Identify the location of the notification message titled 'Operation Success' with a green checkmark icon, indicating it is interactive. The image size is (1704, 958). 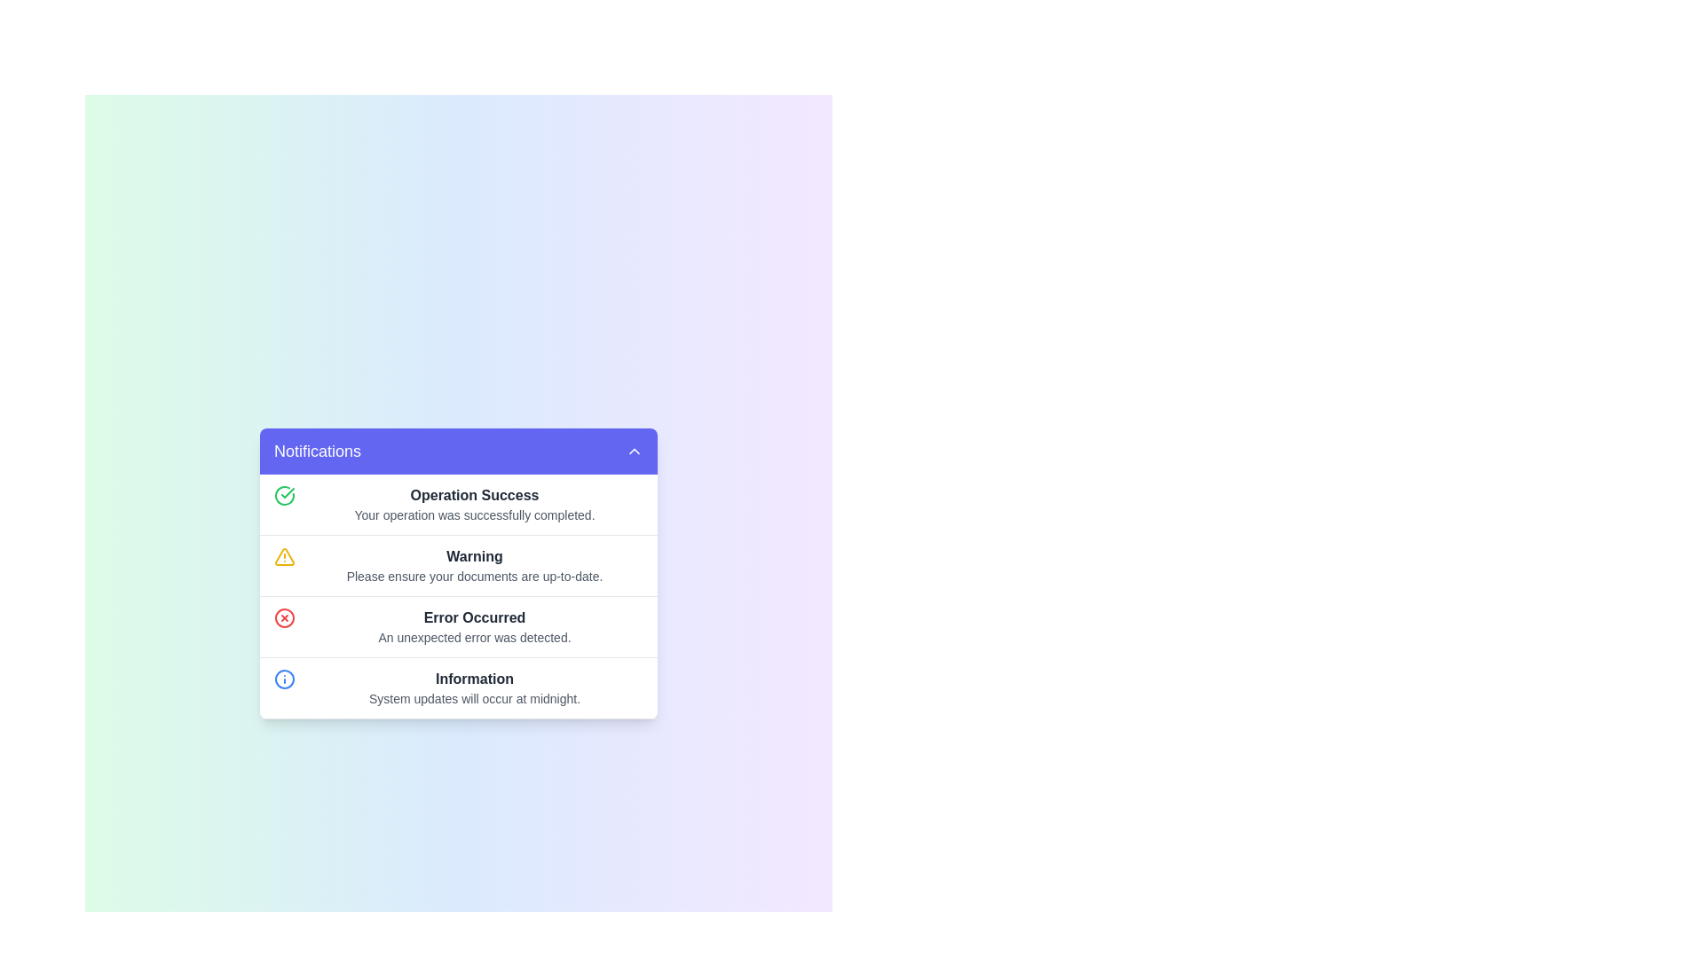
(459, 505).